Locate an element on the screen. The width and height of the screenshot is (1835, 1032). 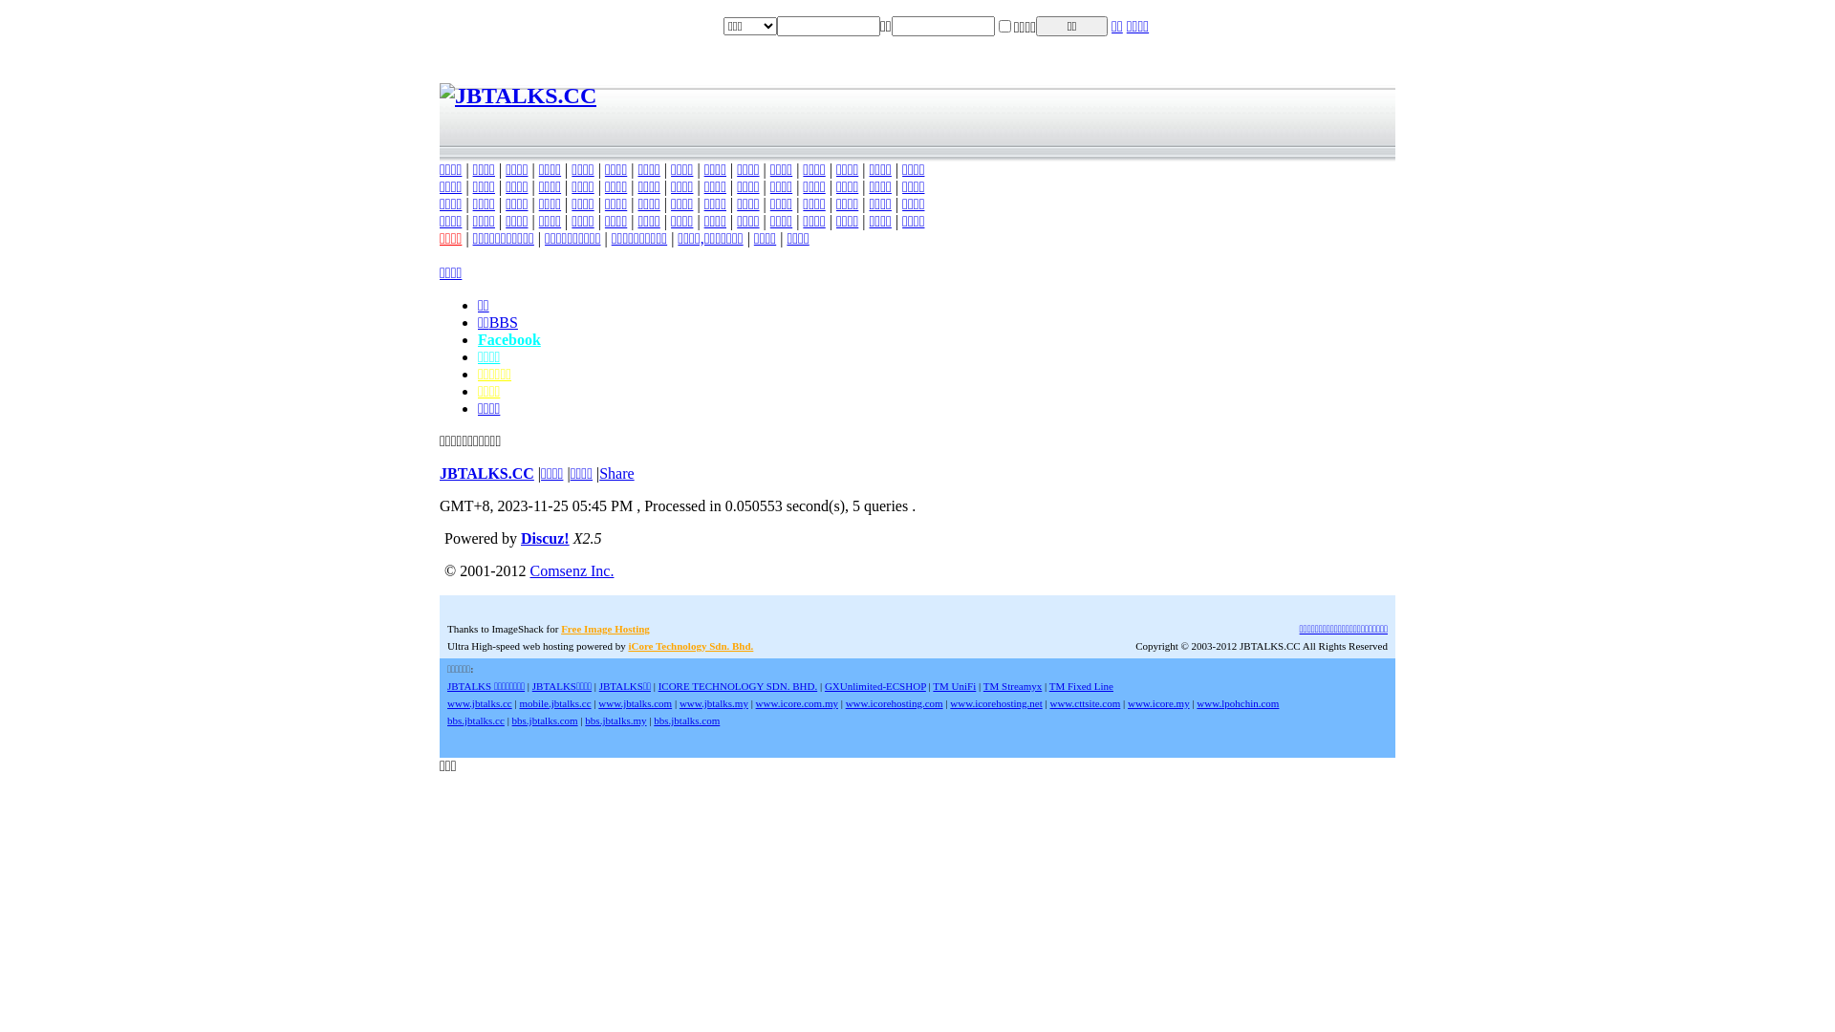
'Comsenz Inc.' is located at coordinates (571, 570).